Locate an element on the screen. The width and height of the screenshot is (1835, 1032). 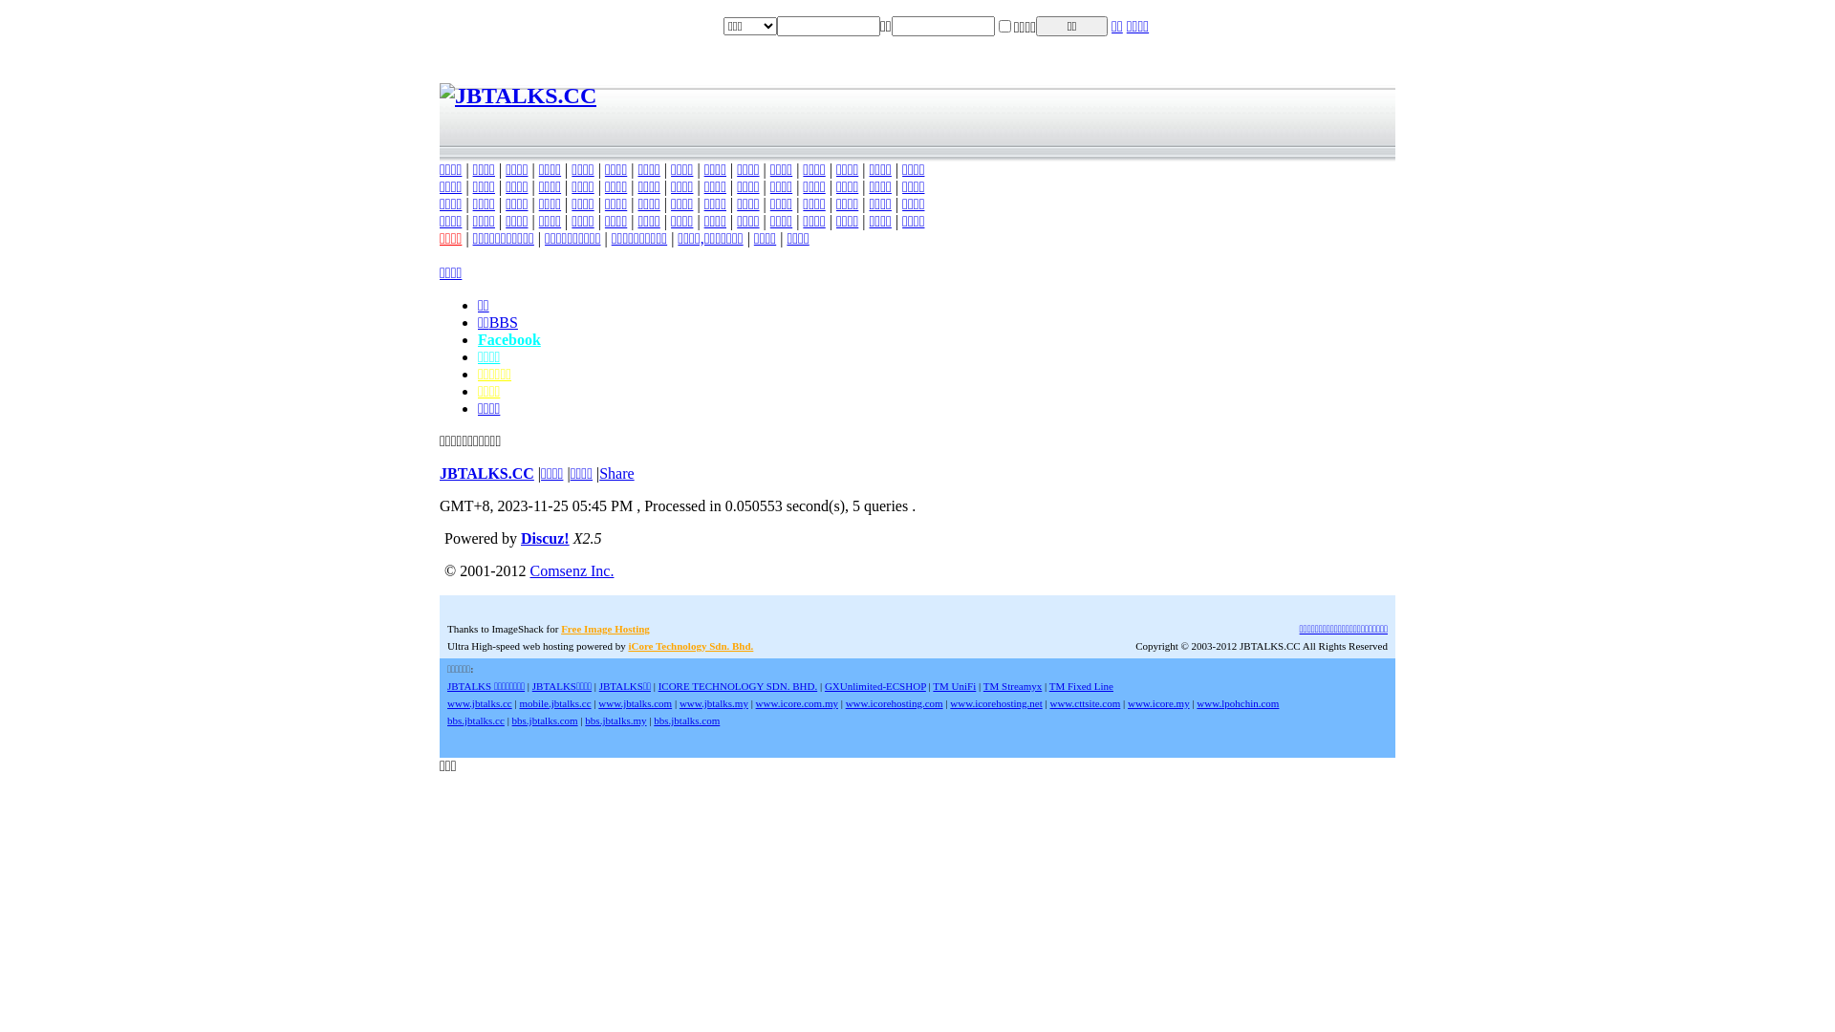
'Comsenz Inc.' is located at coordinates (571, 570).